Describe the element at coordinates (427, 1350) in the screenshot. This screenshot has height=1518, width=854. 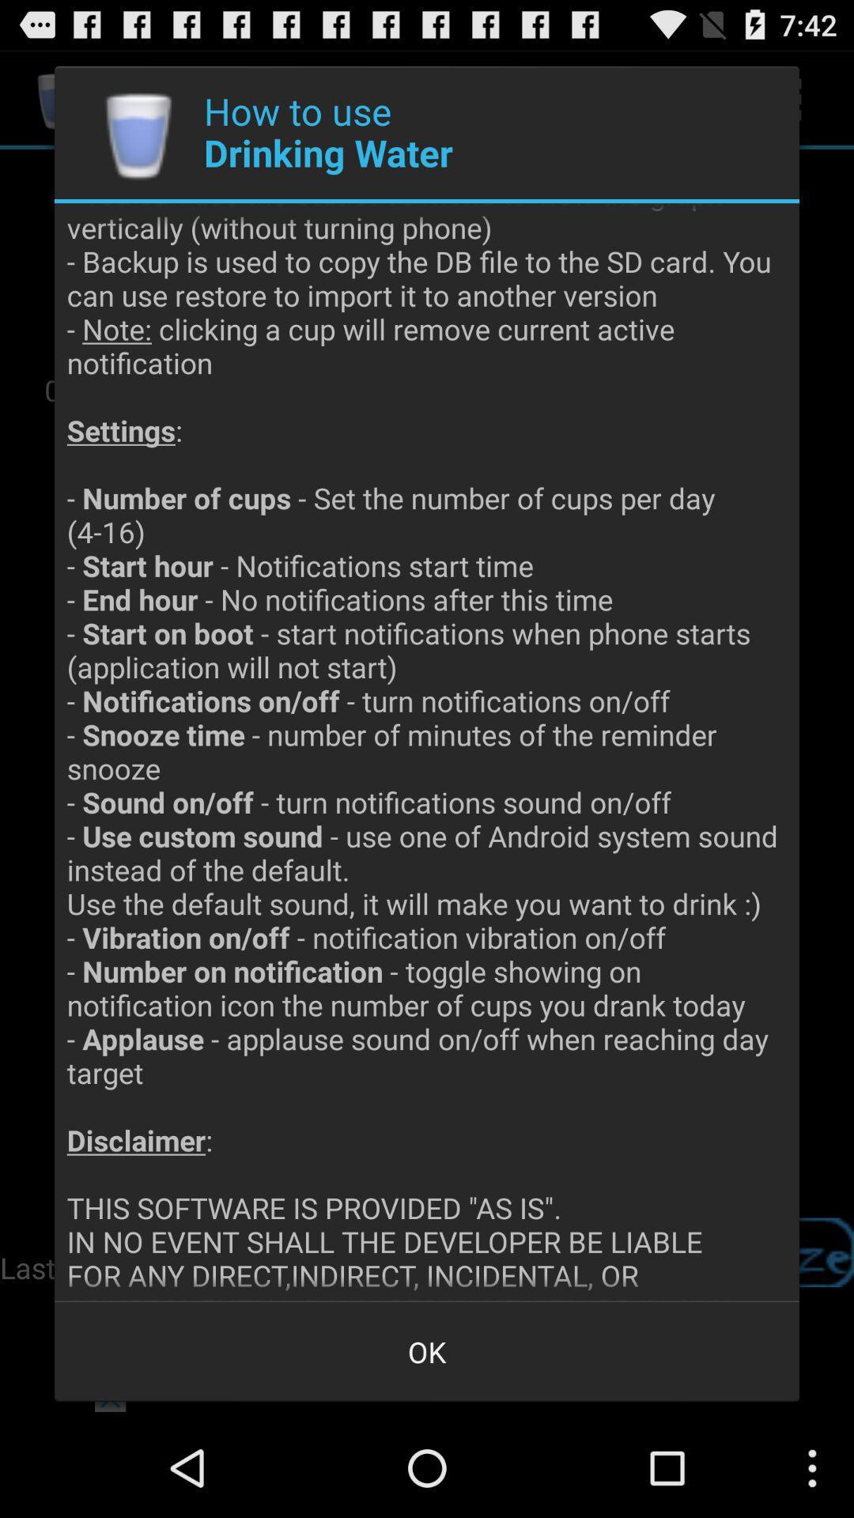
I see `the ok` at that location.